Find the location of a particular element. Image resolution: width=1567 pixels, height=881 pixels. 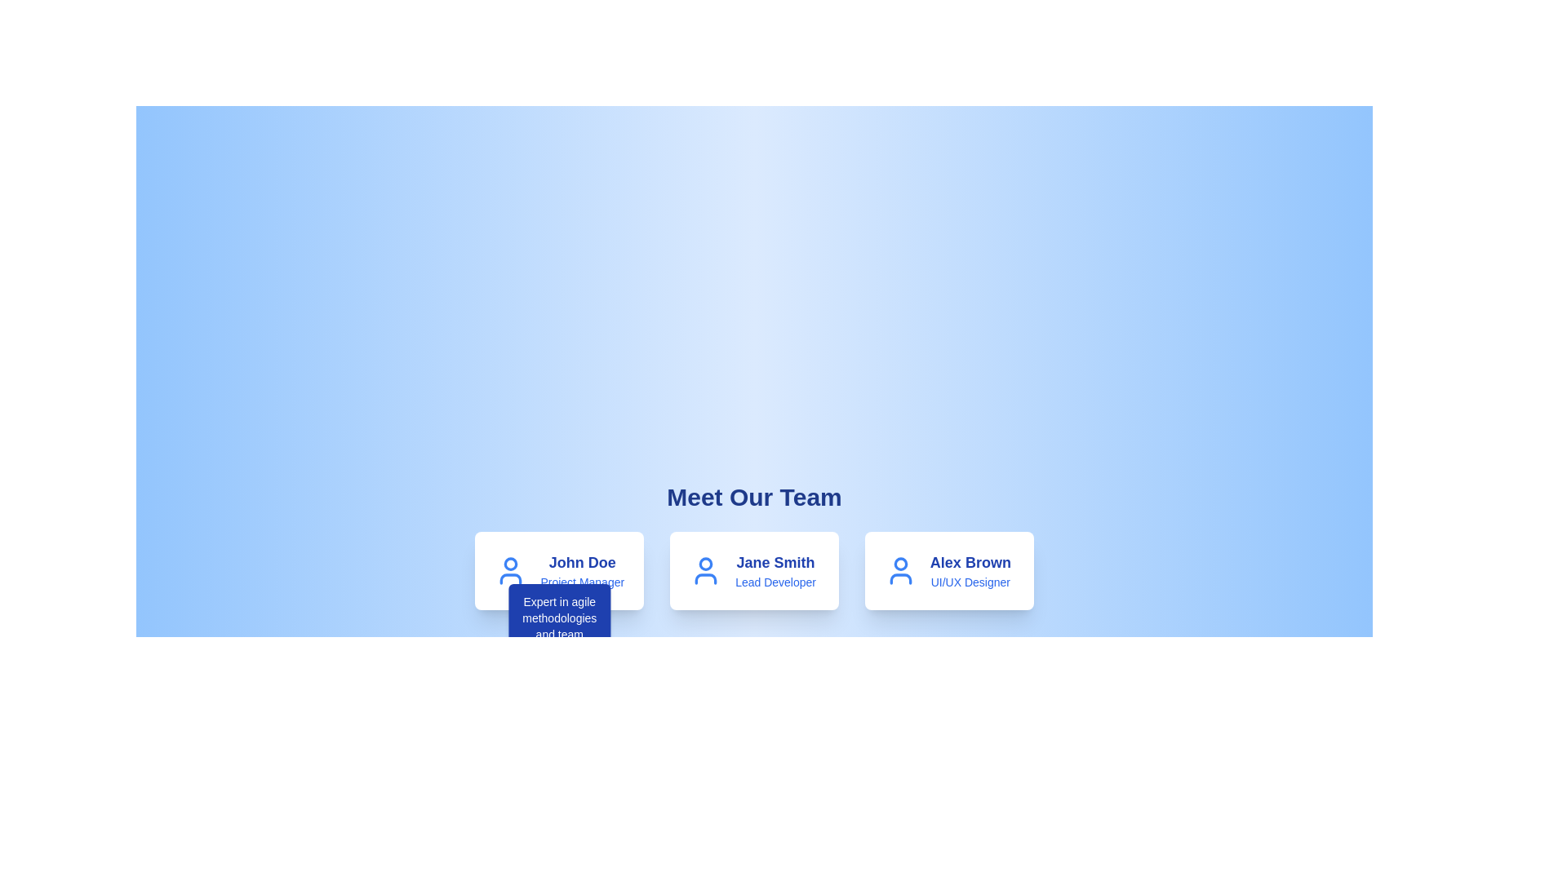

the Text block that identifies the team member 'Jane Smith' as 'Lead Developer', located in the second card under the heading 'Meet Our Team' is located at coordinates (775, 569).